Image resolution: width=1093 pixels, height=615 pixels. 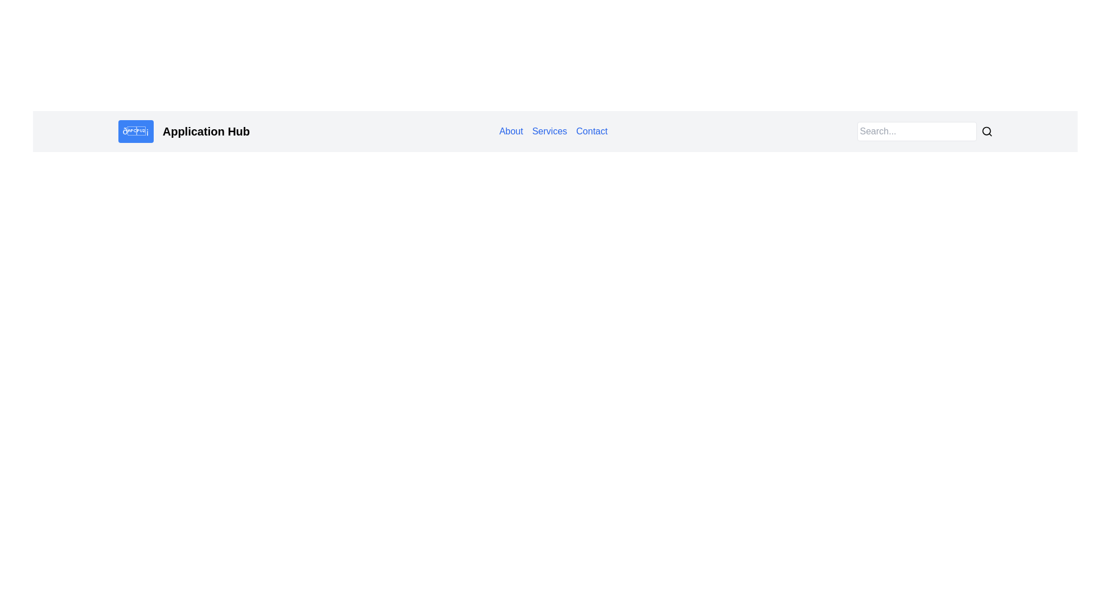 What do you see at coordinates (135, 131) in the screenshot?
I see `the application logo icon located in the top-left corner of the interface, next to the text 'Application Hub'` at bounding box center [135, 131].